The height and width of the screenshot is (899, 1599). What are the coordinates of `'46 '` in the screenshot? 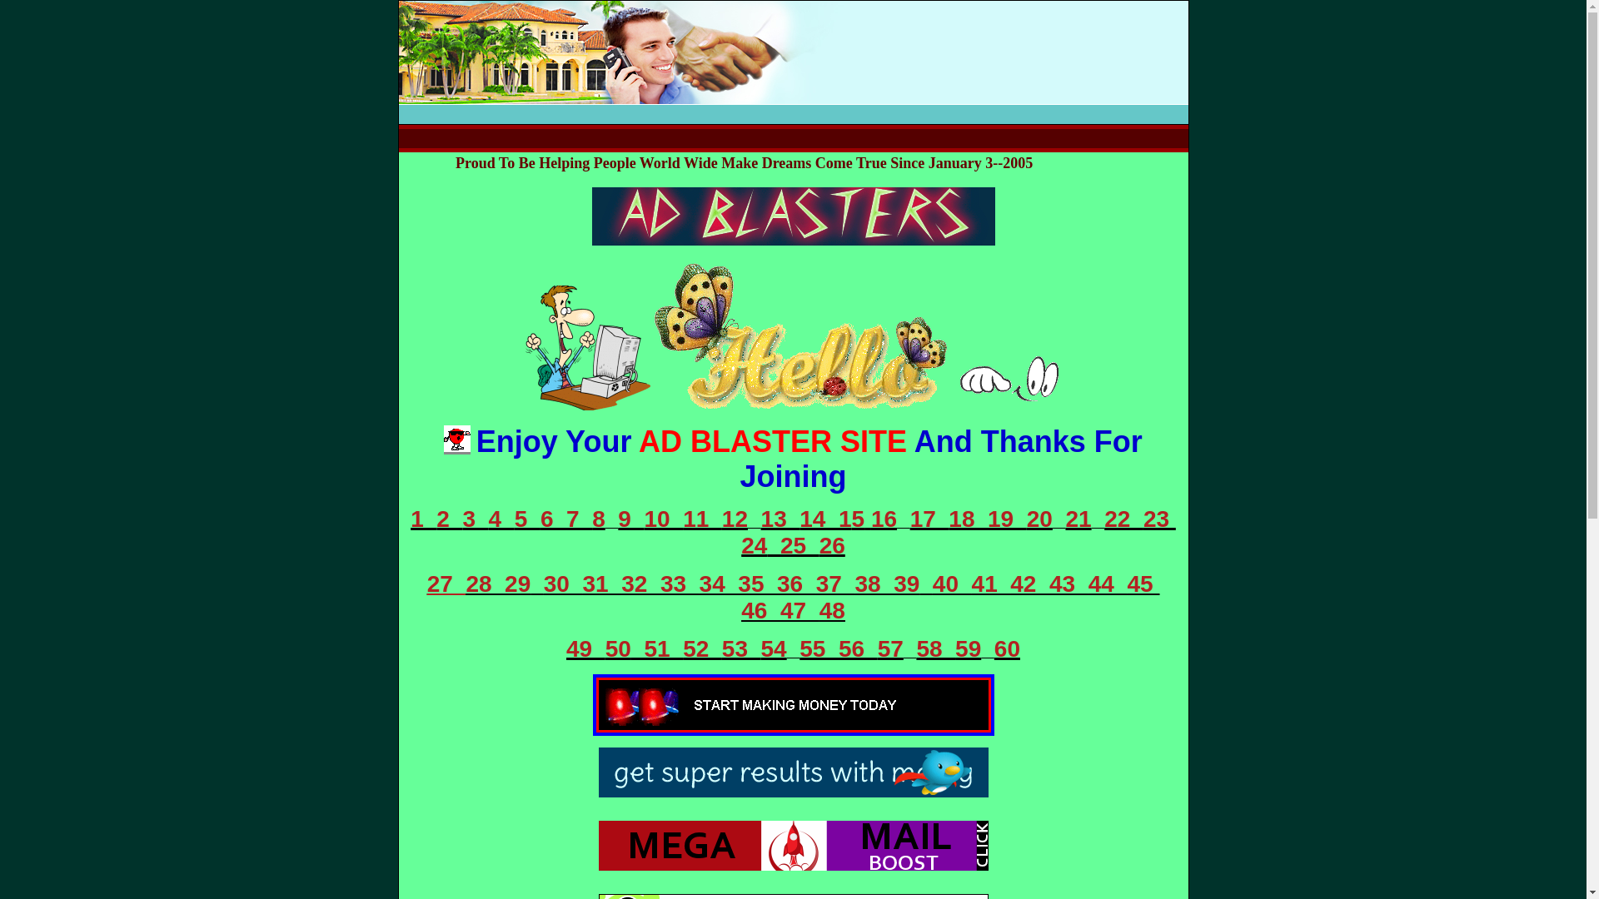 It's located at (760, 610).